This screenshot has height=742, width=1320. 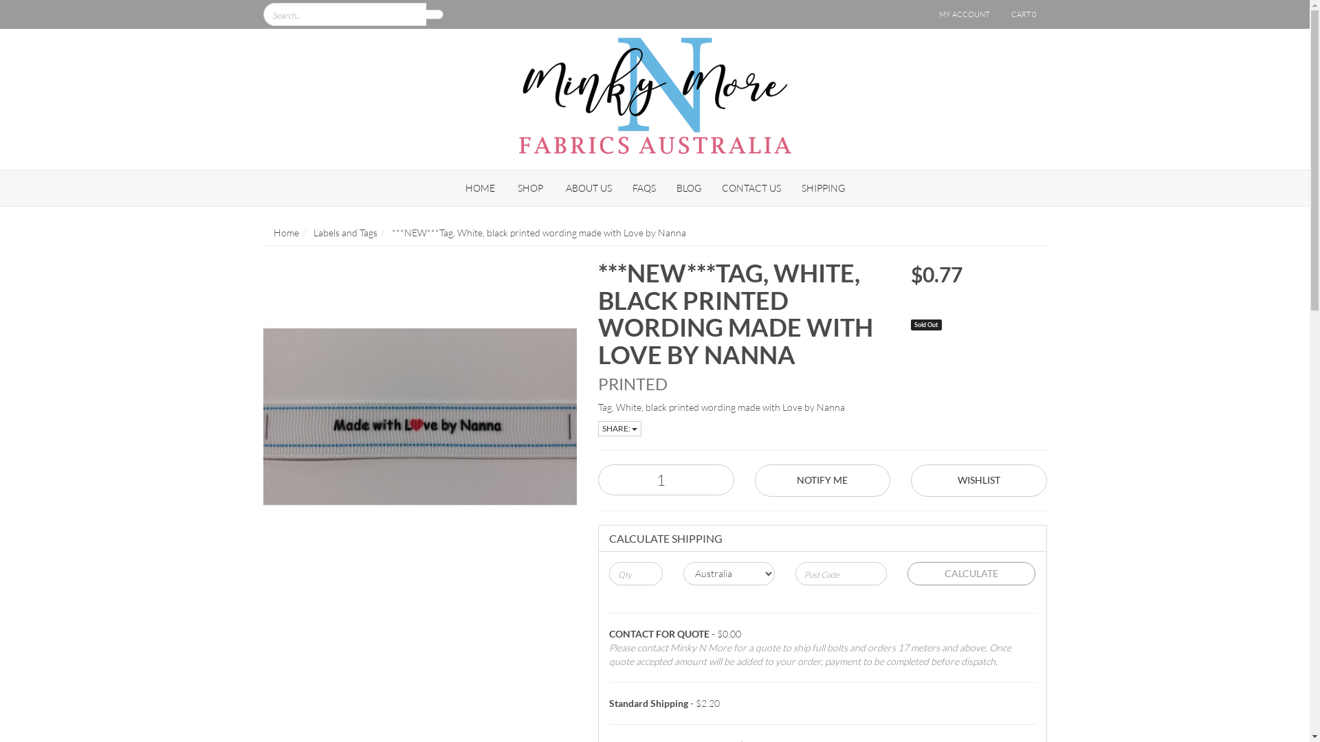 I want to click on 'Home', so click(x=285, y=232).